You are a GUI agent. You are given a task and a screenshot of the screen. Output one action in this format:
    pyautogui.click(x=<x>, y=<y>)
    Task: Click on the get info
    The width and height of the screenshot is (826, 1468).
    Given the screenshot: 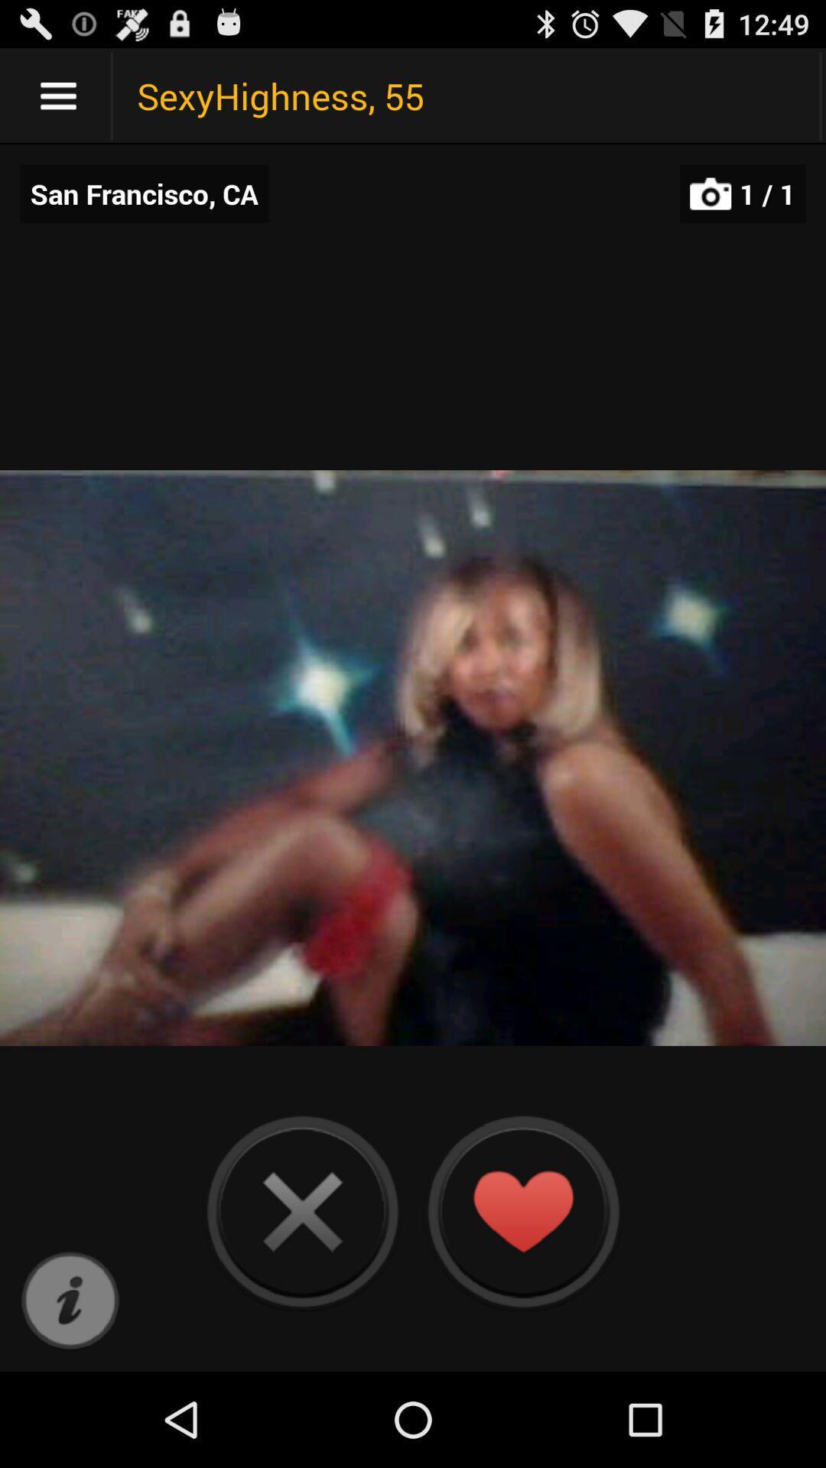 What is the action you would take?
    pyautogui.click(x=70, y=1301)
    